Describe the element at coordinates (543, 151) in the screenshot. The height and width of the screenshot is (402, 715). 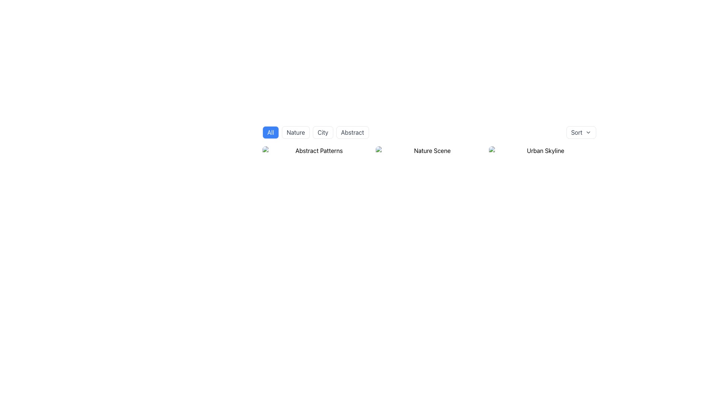
I see `the selectable Card, which is the third item in a row` at that location.